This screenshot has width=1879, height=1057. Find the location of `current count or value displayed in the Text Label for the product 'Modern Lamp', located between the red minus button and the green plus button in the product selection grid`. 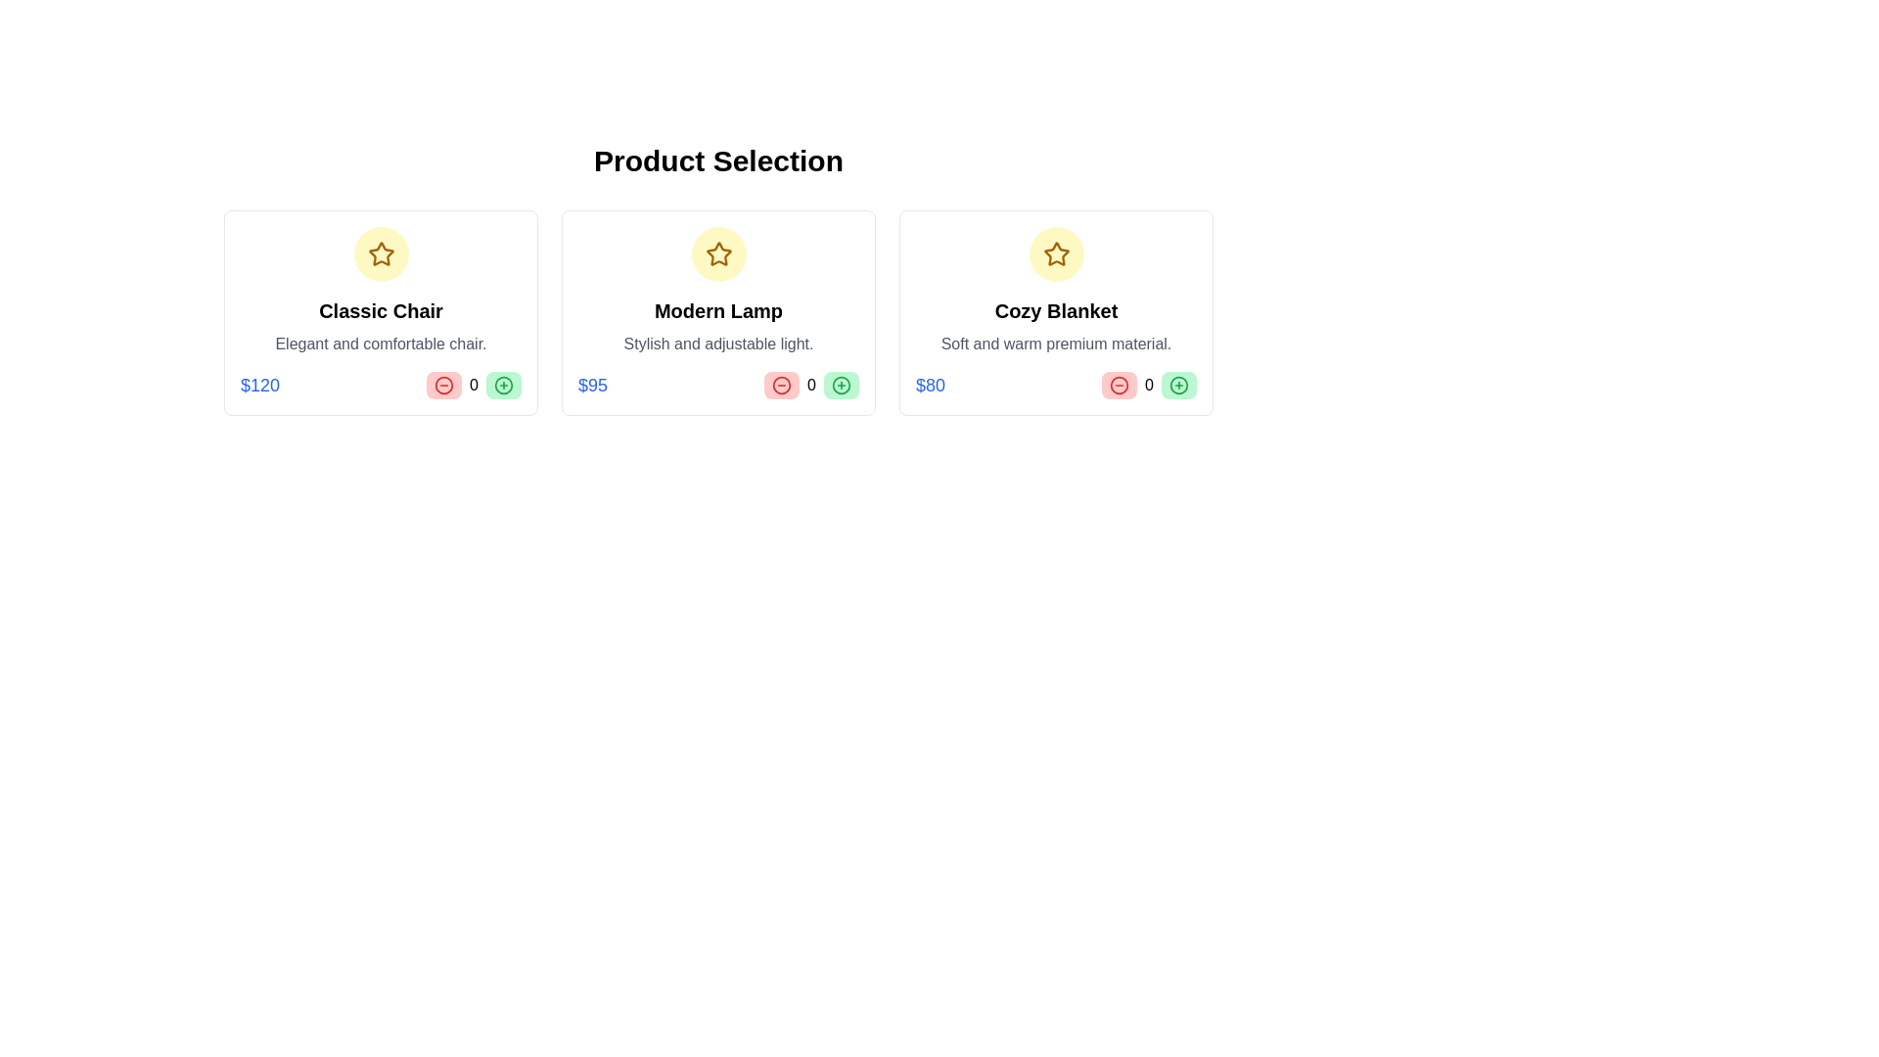

current count or value displayed in the Text Label for the product 'Modern Lamp', located between the red minus button and the green plus button in the product selection grid is located at coordinates (811, 385).